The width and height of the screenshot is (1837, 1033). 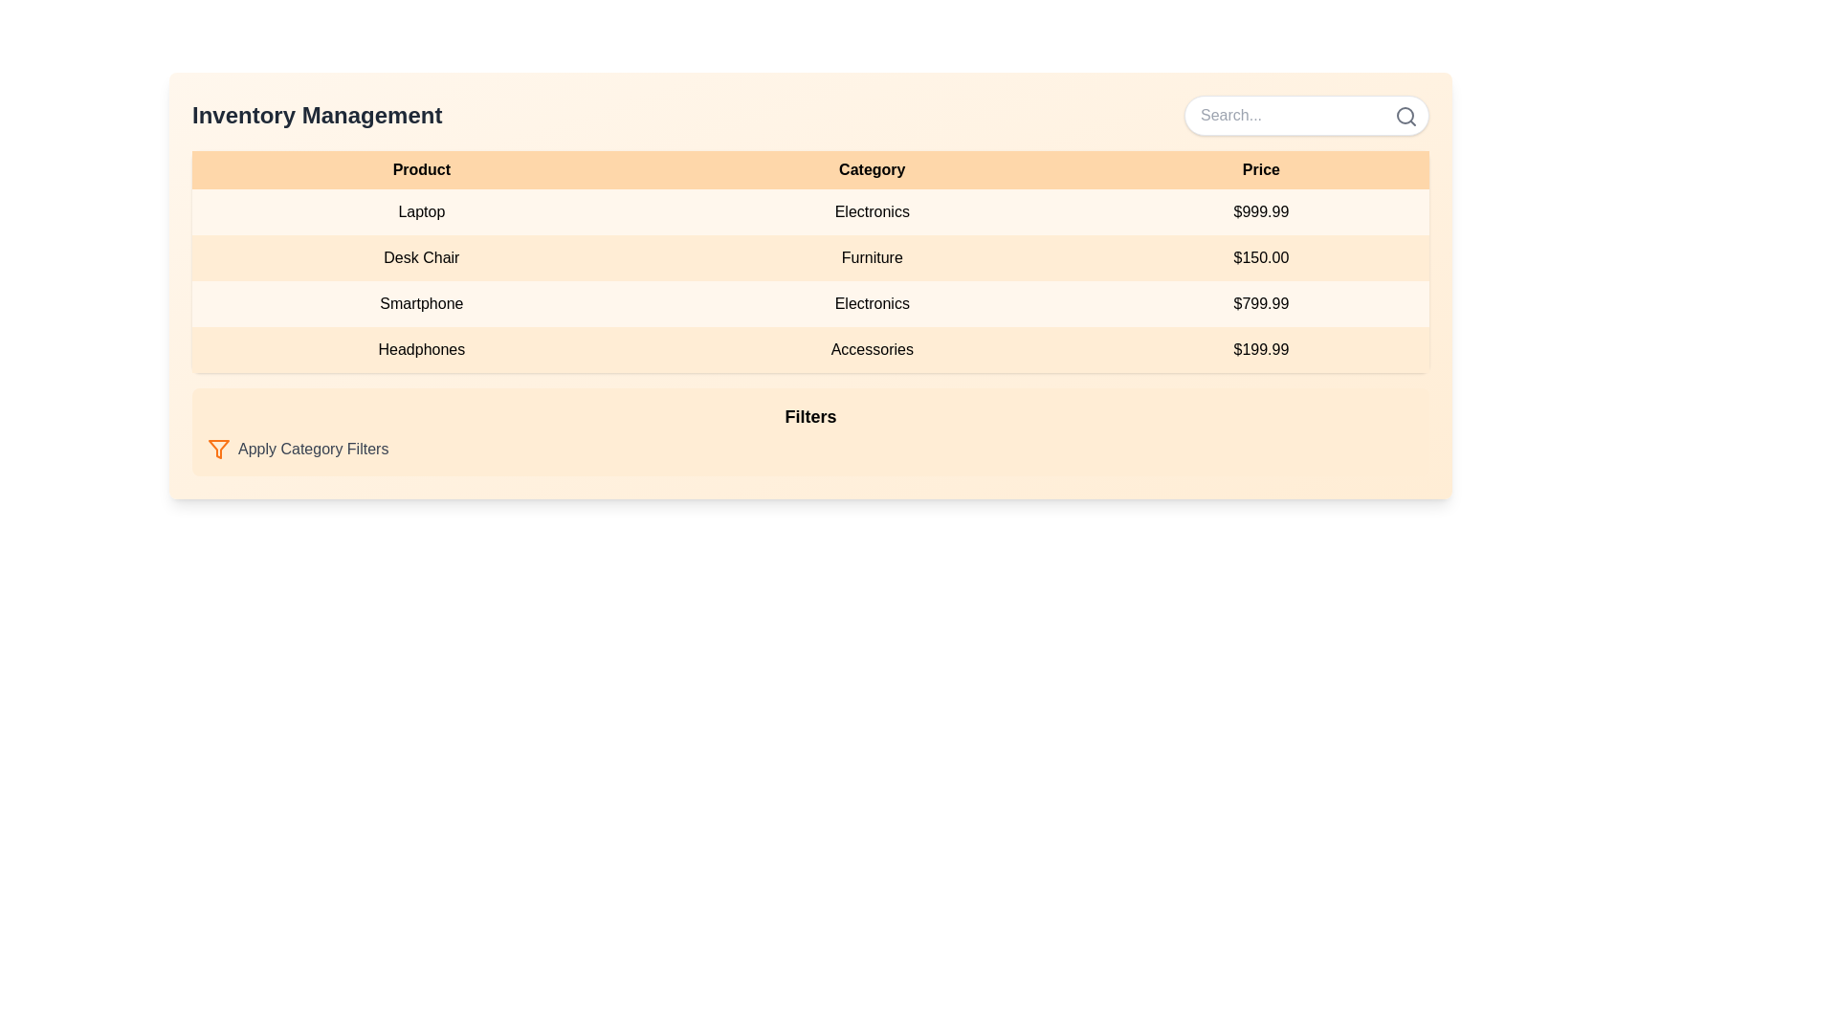 What do you see at coordinates (219, 450) in the screenshot?
I see `the filter function icon located at the bottom-left corner of the interface, adjacent to the 'Apply Category Filters' label` at bounding box center [219, 450].